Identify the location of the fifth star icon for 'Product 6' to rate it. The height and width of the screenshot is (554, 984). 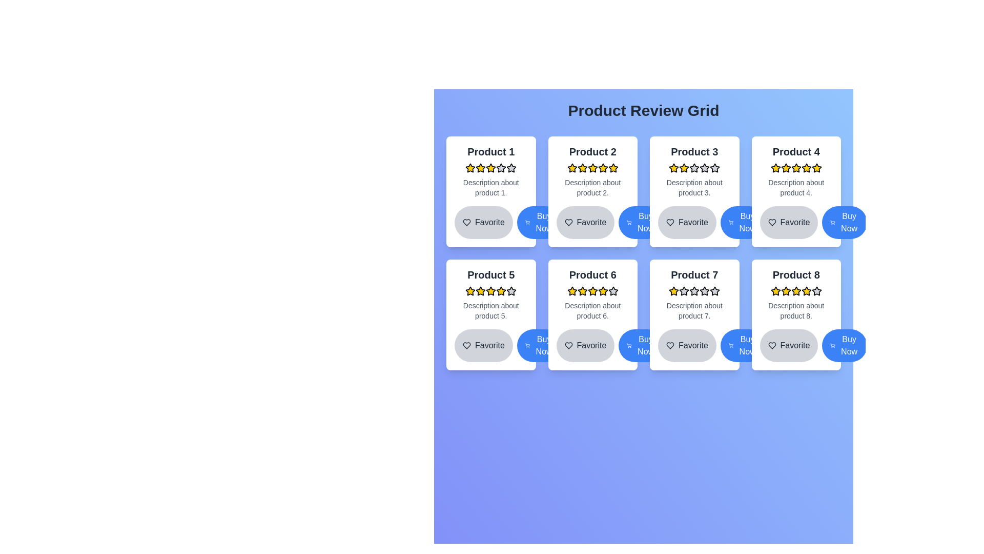
(613, 291).